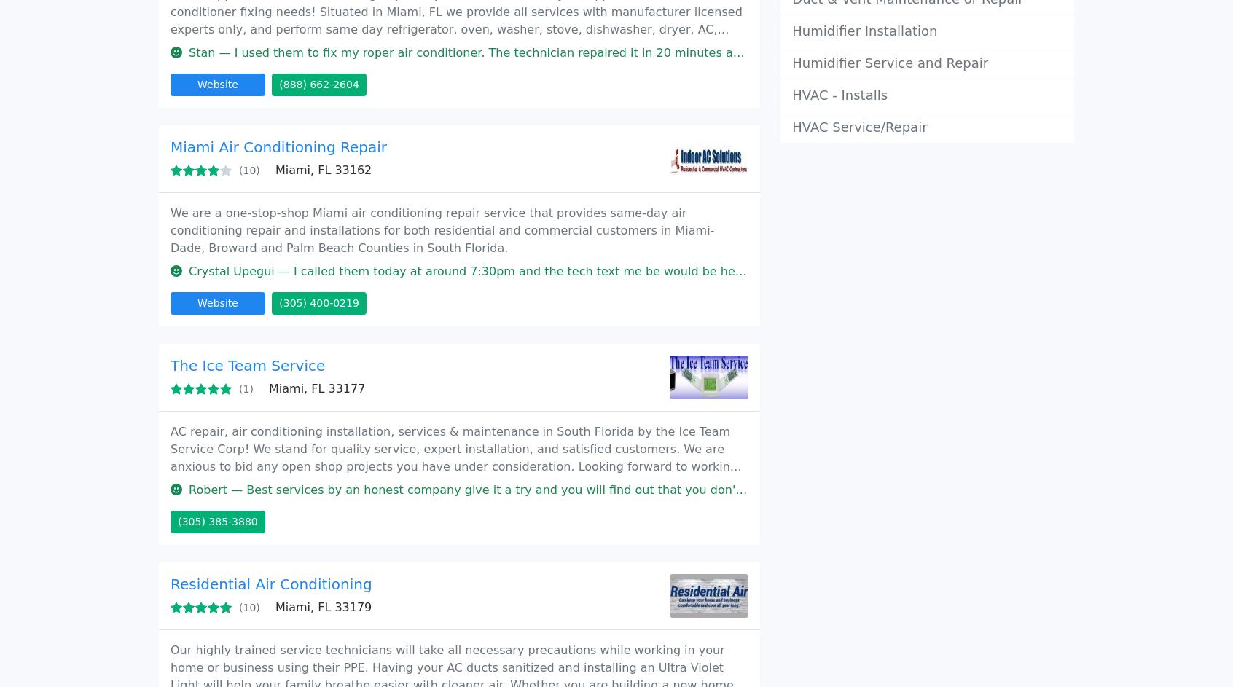 This screenshot has height=687, width=1233. What do you see at coordinates (982, 135) in the screenshot?
I see `'Cookies policy'` at bounding box center [982, 135].